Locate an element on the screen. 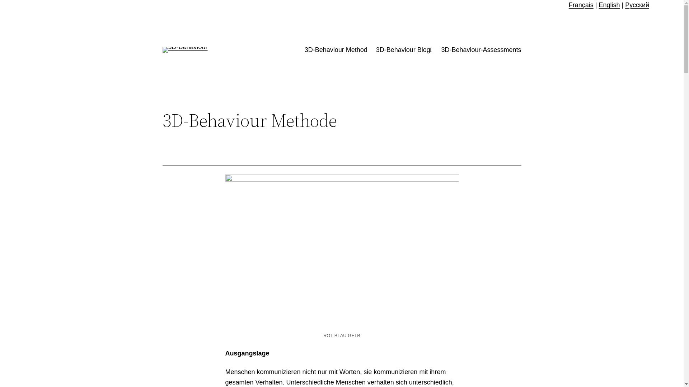 The height and width of the screenshot is (387, 689). '3D-Behaviour-Assessments' is located at coordinates (481, 49).